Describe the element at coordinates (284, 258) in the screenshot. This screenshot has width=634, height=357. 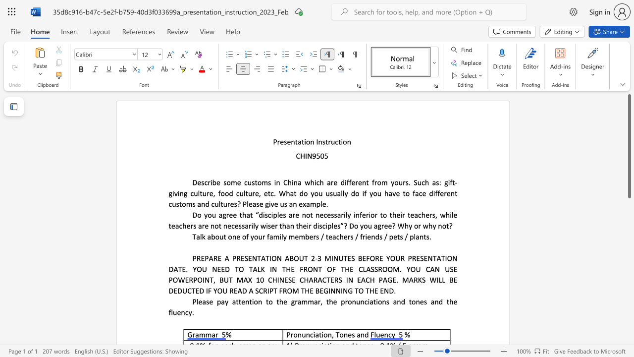
I see `the subset text "ABOU" within the text "PREPARE A PRESENTATION ABOUT 2"` at that location.